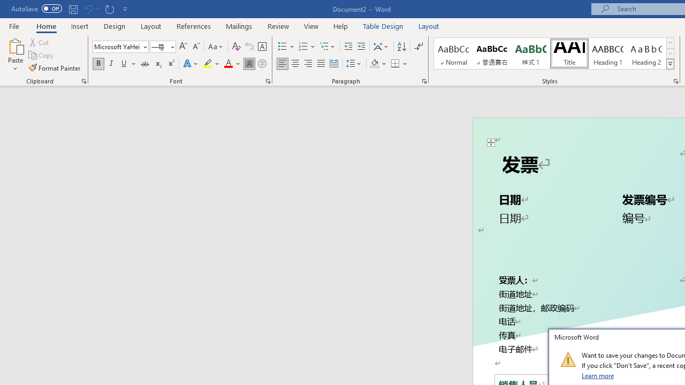 The image size is (685, 385). What do you see at coordinates (598, 375) in the screenshot?
I see `'Learn more'` at bounding box center [598, 375].